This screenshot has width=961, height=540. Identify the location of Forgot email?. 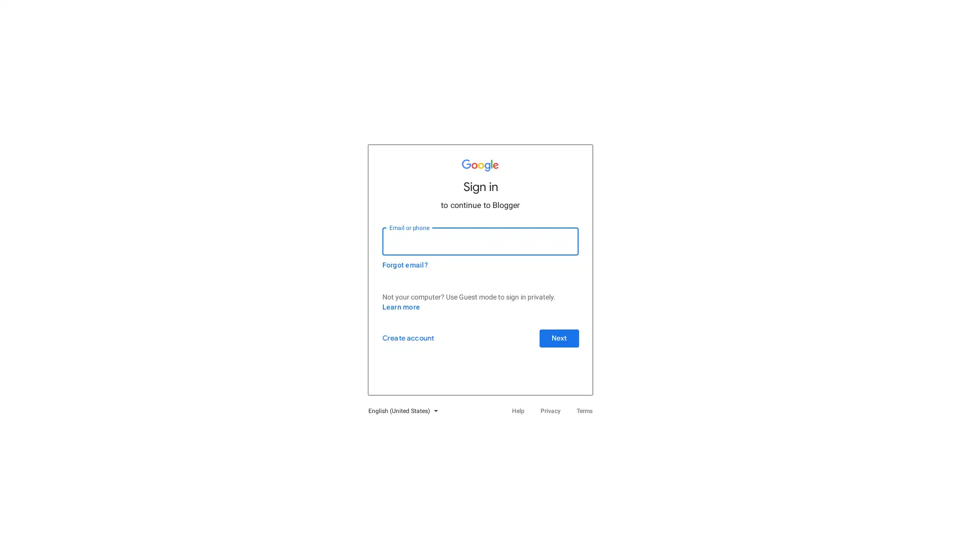
(411, 273).